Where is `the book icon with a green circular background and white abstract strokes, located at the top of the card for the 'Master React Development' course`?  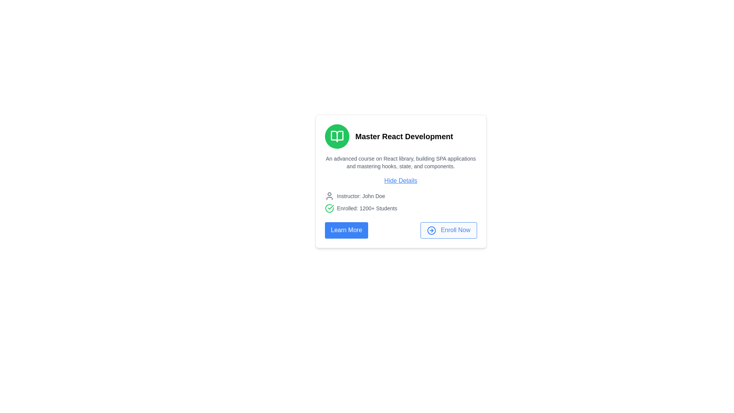
the book icon with a green circular background and white abstract strokes, located at the top of the card for the 'Master React Development' course is located at coordinates (336, 136).